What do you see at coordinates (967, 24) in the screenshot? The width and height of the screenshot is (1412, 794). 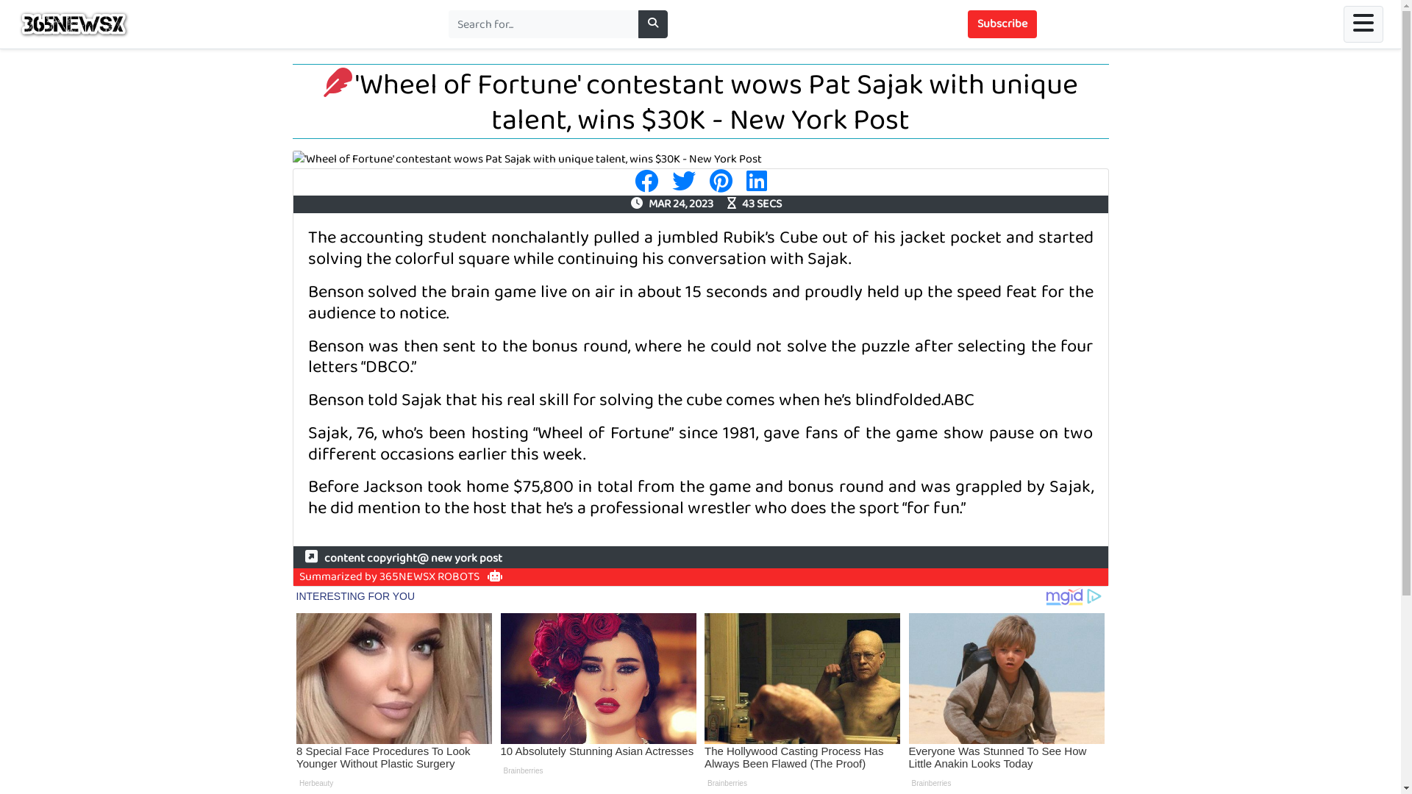 I see `'Subscribe'` at bounding box center [967, 24].